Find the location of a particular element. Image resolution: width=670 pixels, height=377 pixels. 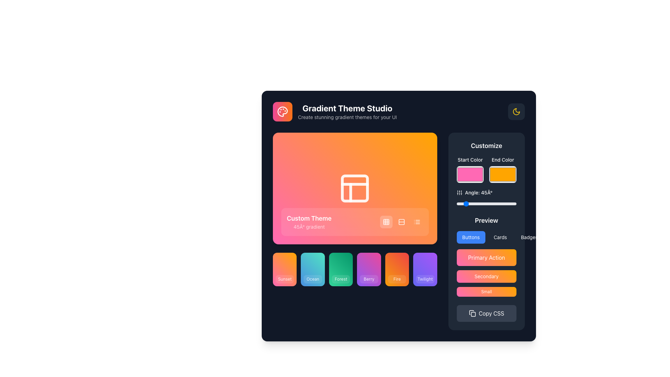

the Informational Panel with Controls to trigger additional effects is located at coordinates (355, 222).